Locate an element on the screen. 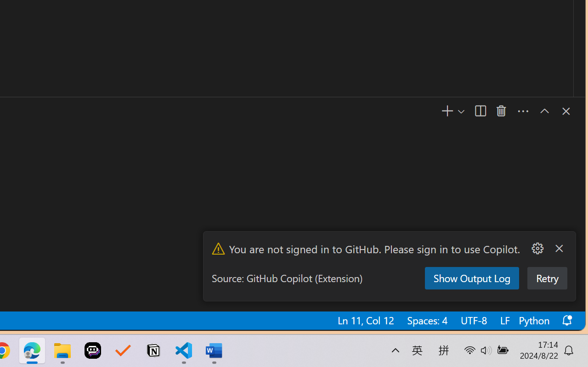 This screenshot has width=588, height=367. 'Kill Terminal' is located at coordinates (501, 111).